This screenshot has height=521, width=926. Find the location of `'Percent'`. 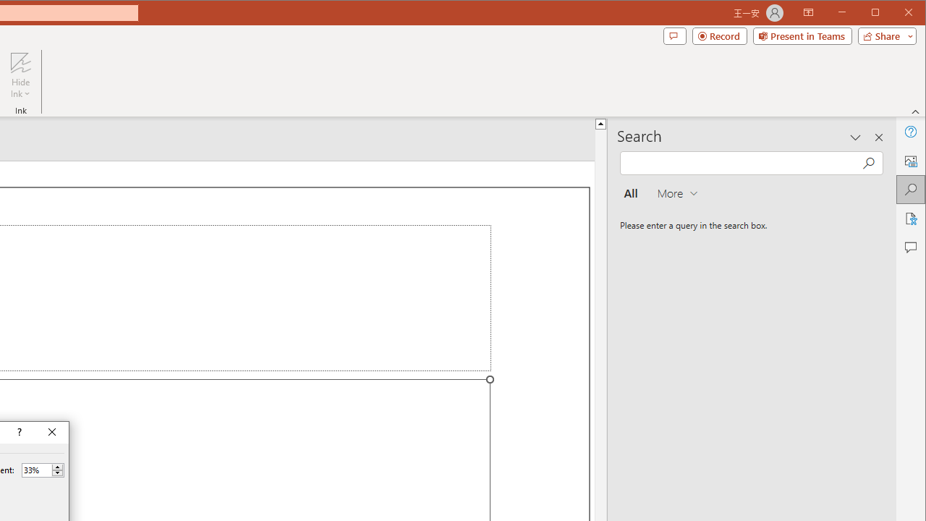

'Percent' is located at coordinates (43, 470).